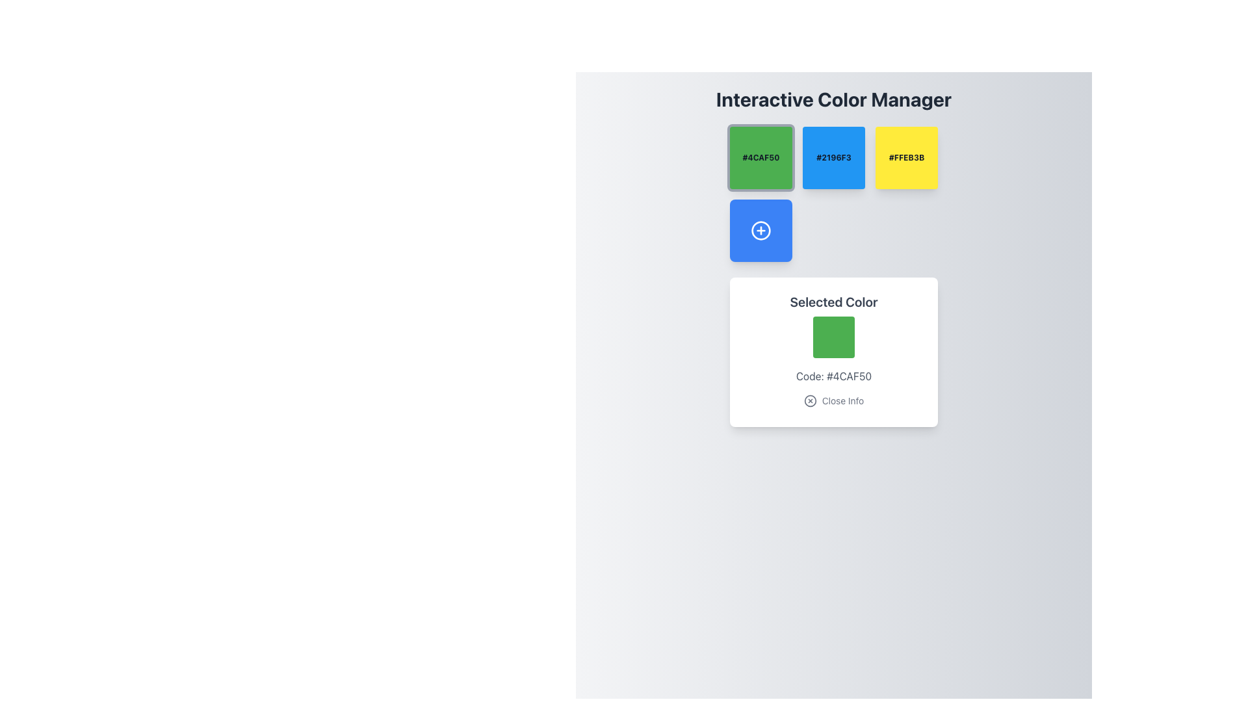 This screenshot has width=1248, height=702. I want to click on the static text display that shows the hexadecimal code of the selected color, so click(833, 376).